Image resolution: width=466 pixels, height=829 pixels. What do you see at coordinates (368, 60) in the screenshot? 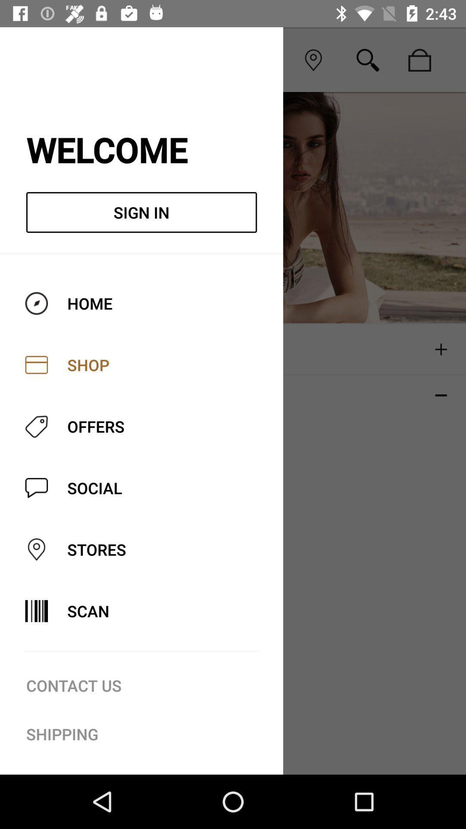
I see `search icon` at bounding box center [368, 60].